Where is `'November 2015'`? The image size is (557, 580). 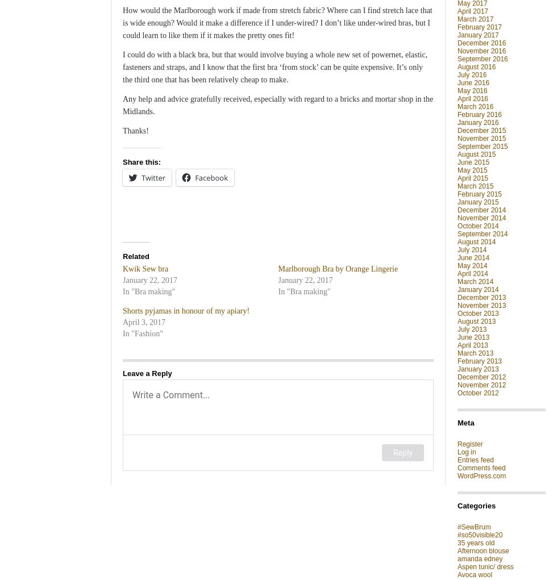
'November 2015' is located at coordinates (481, 137).